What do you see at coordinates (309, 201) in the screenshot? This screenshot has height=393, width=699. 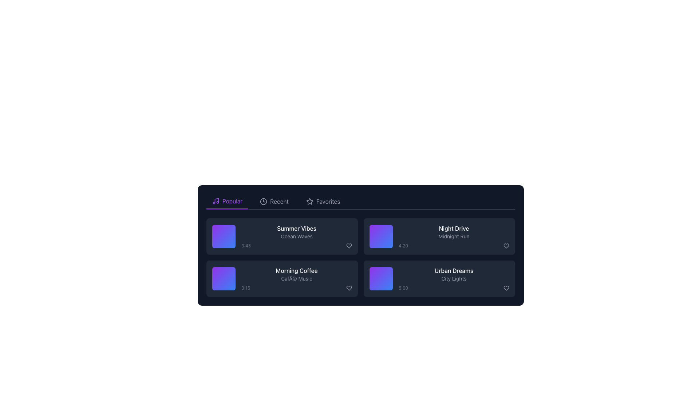 I see `the star-shaped icon located in the fourth square on the right side of the grid below the 'Favorites' tab` at bounding box center [309, 201].